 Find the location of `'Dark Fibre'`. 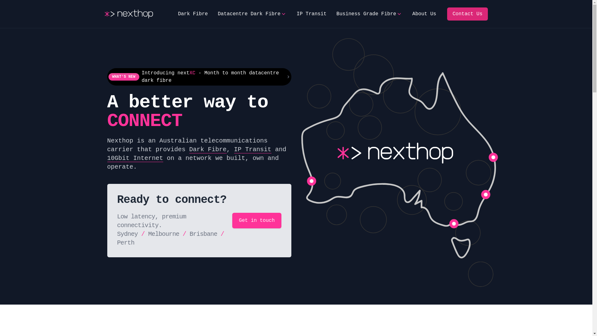

'Dark Fibre' is located at coordinates (208, 150).